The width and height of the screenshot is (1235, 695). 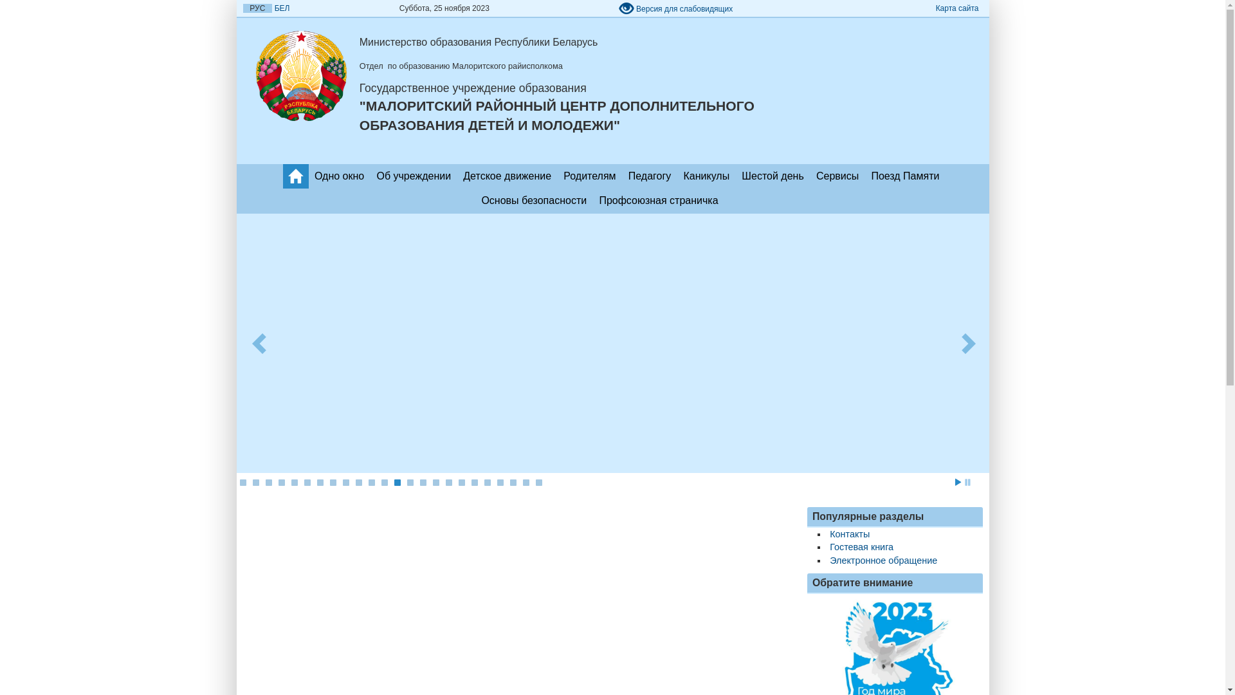 What do you see at coordinates (293, 482) in the screenshot?
I see `'5'` at bounding box center [293, 482].